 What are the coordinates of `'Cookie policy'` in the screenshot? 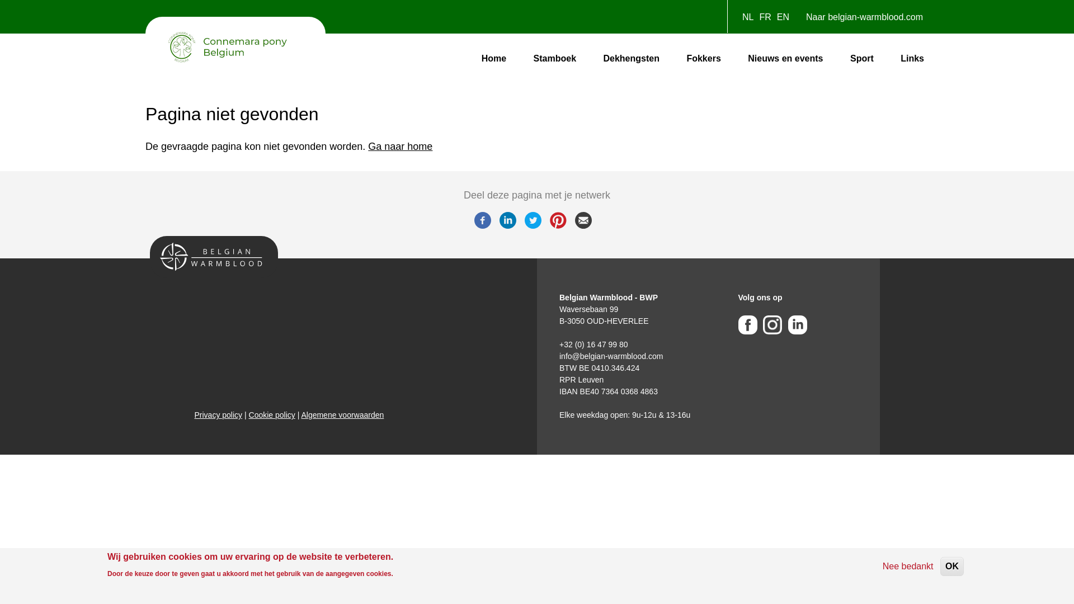 It's located at (272, 414).